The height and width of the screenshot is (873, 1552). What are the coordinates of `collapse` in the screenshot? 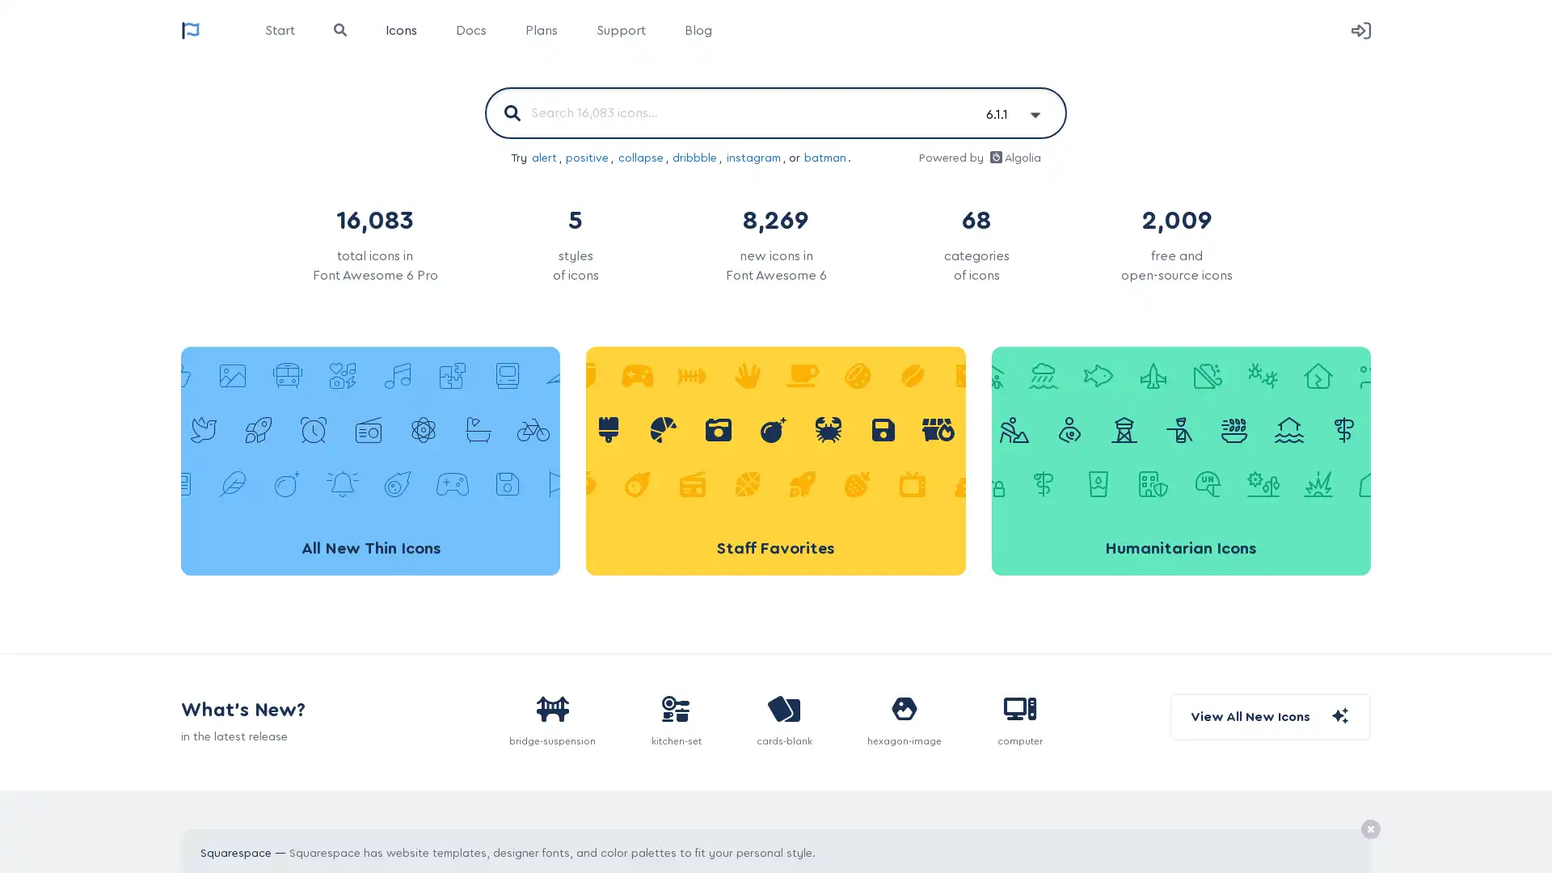 It's located at (639, 158).